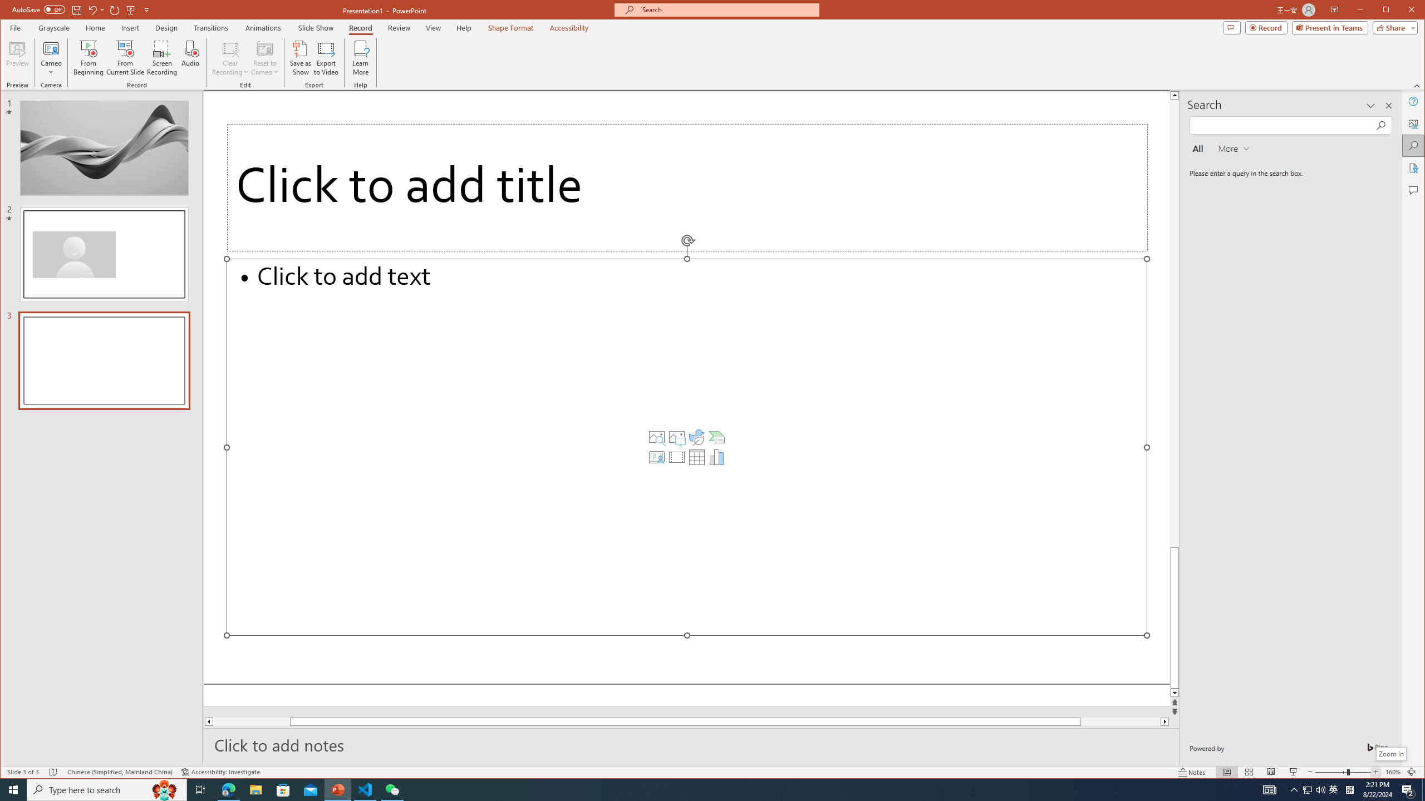 Image resolution: width=1425 pixels, height=801 pixels. I want to click on 'Preview', so click(18, 57).